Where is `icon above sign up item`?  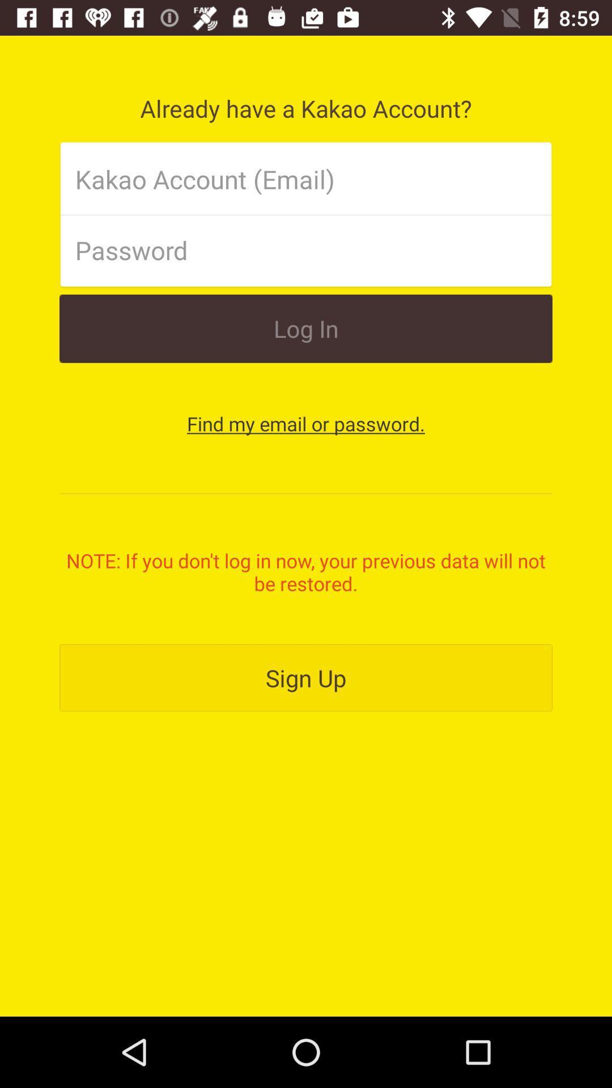
icon above sign up item is located at coordinates (306, 572).